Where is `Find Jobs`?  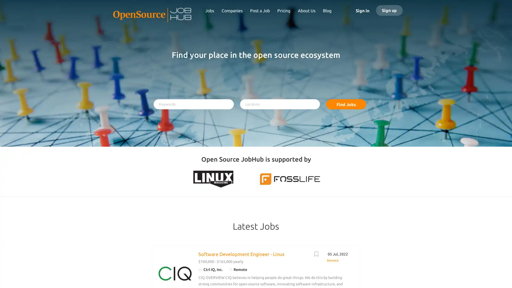
Find Jobs is located at coordinates (346, 104).